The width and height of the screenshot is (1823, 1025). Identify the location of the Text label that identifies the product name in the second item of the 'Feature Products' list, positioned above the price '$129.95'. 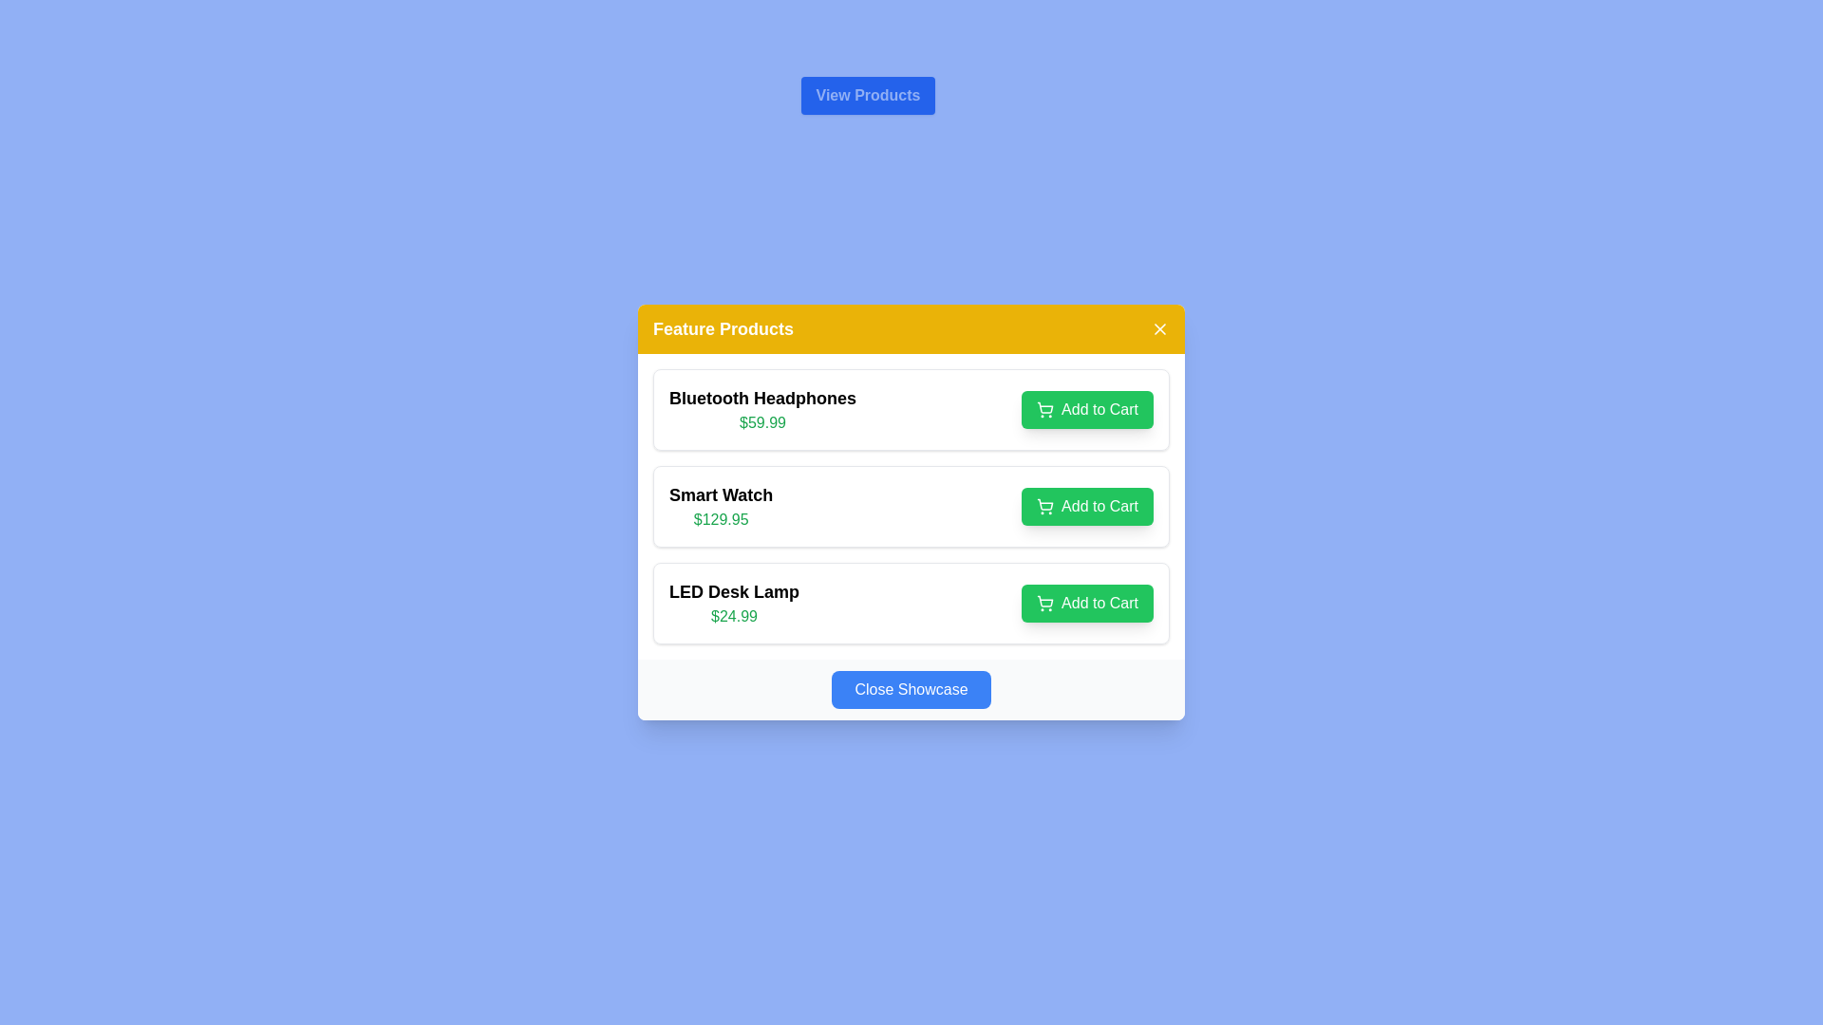
(720, 494).